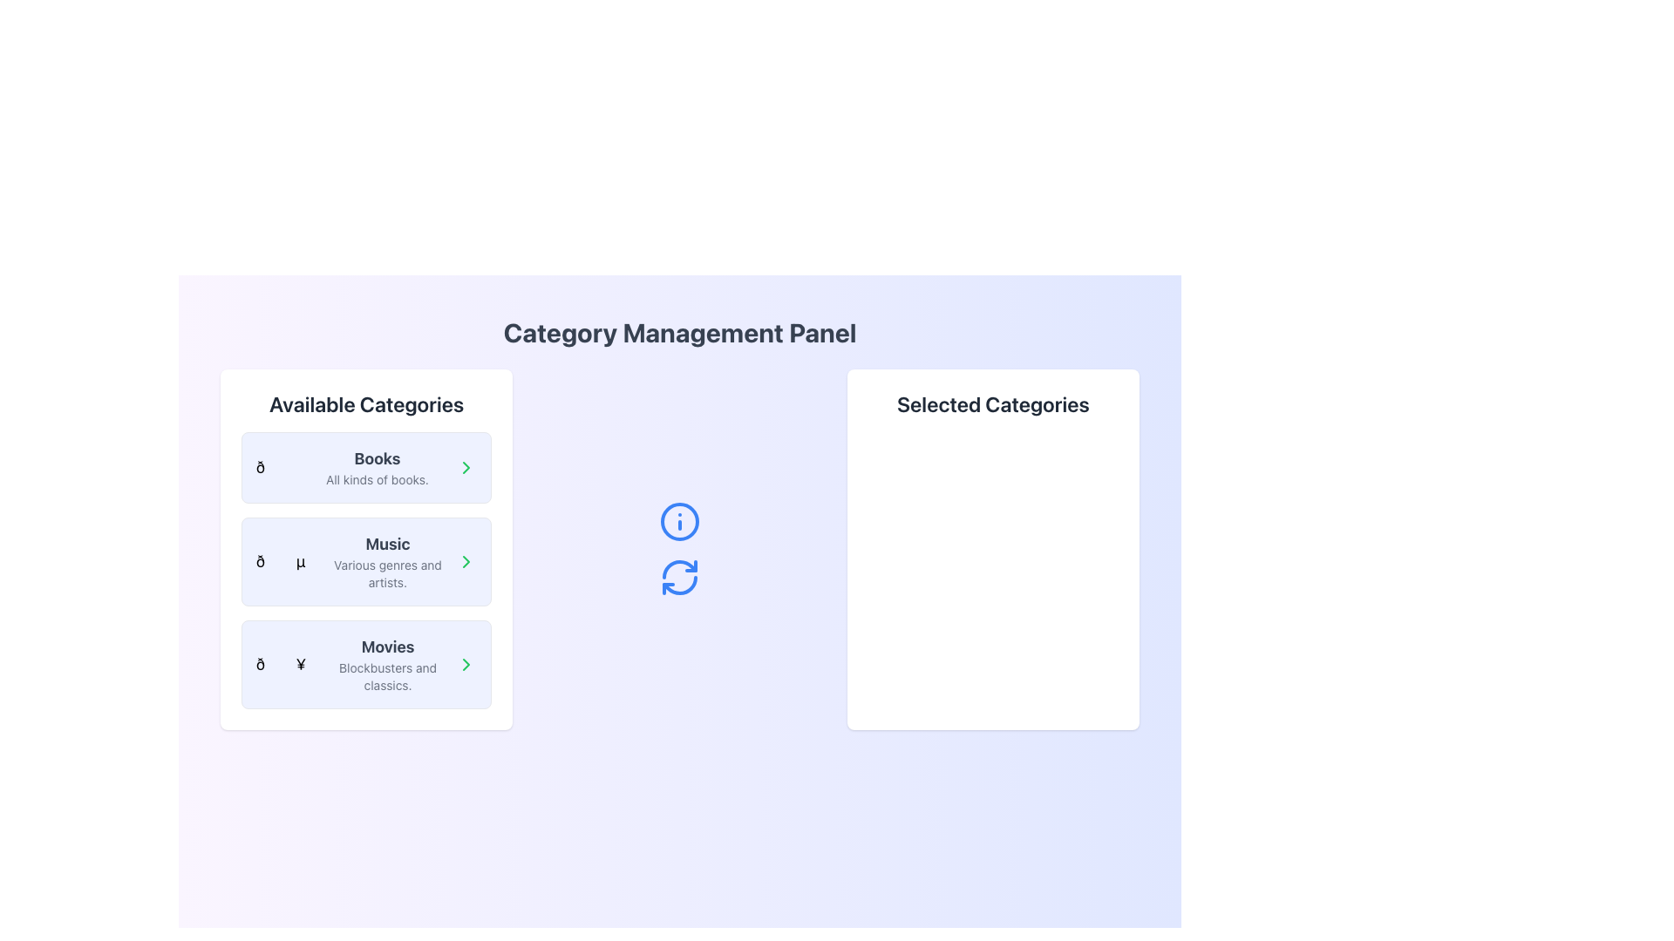 This screenshot has width=1674, height=941. What do you see at coordinates (365, 571) in the screenshot?
I see `the second category item in the 'Available Categories' panel` at bounding box center [365, 571].